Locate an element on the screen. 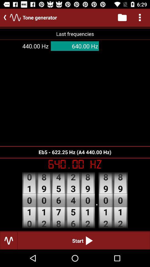 The image size is (150, 267). eb5 622 25 item is located at coordinates (75, 152).